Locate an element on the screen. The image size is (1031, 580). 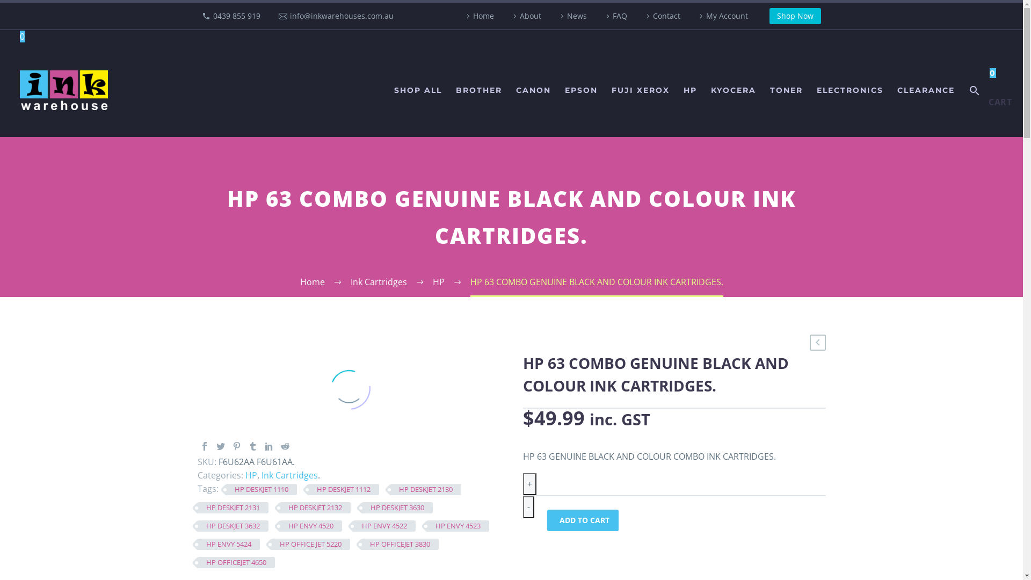
'News' is located at coordinates (571, 16).